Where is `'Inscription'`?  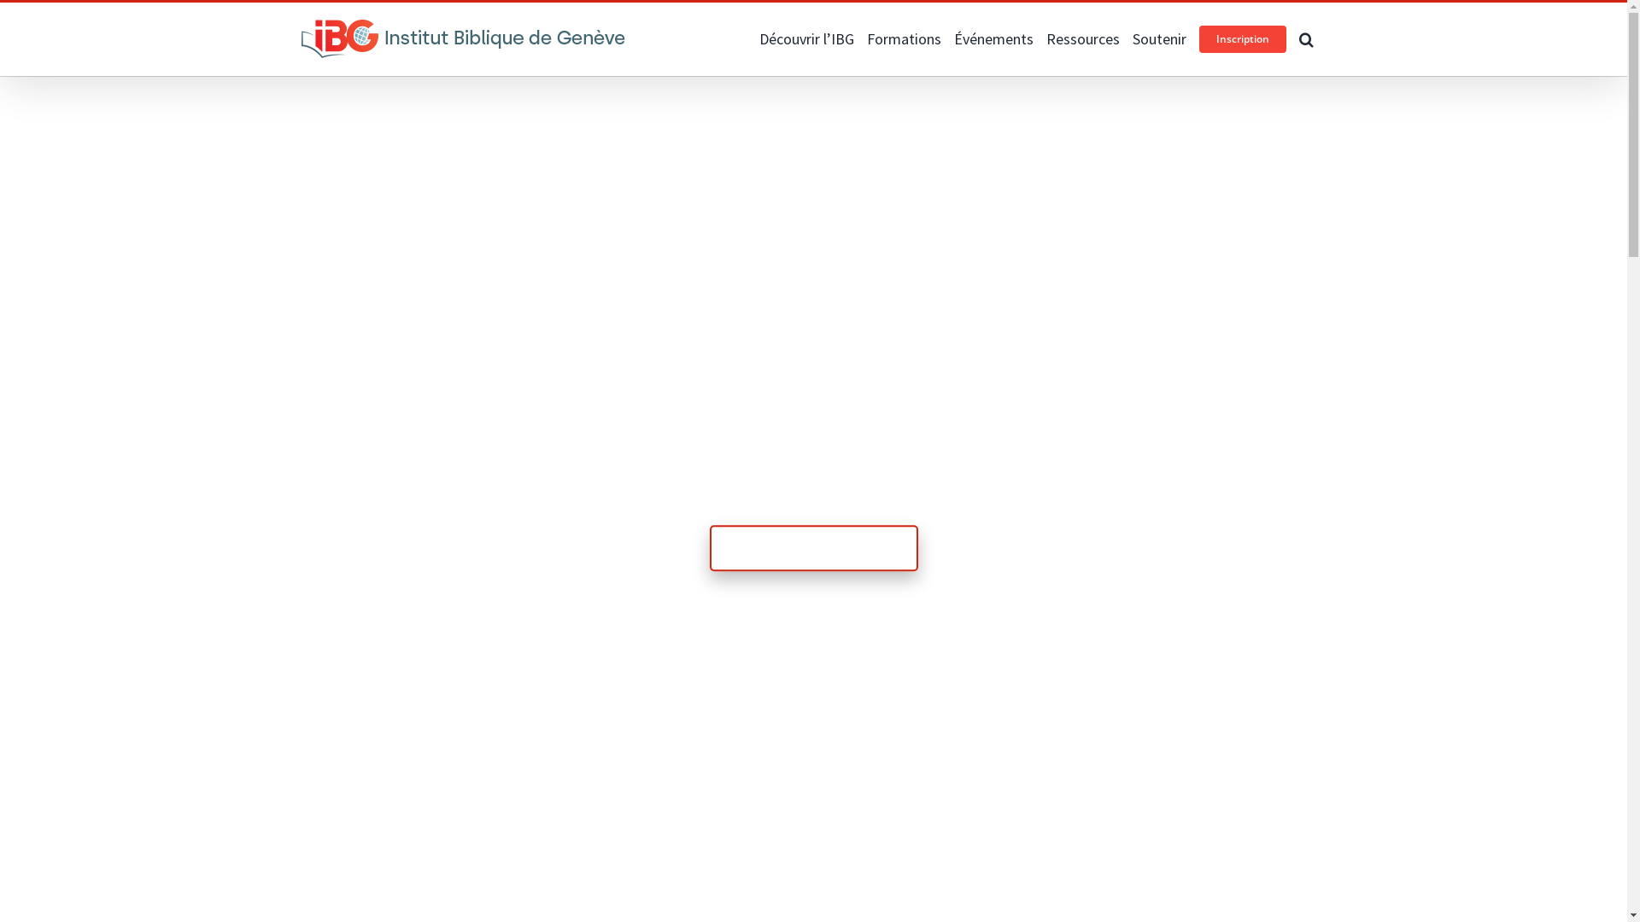
'Inscription' is located at coordinates (1242, 38).